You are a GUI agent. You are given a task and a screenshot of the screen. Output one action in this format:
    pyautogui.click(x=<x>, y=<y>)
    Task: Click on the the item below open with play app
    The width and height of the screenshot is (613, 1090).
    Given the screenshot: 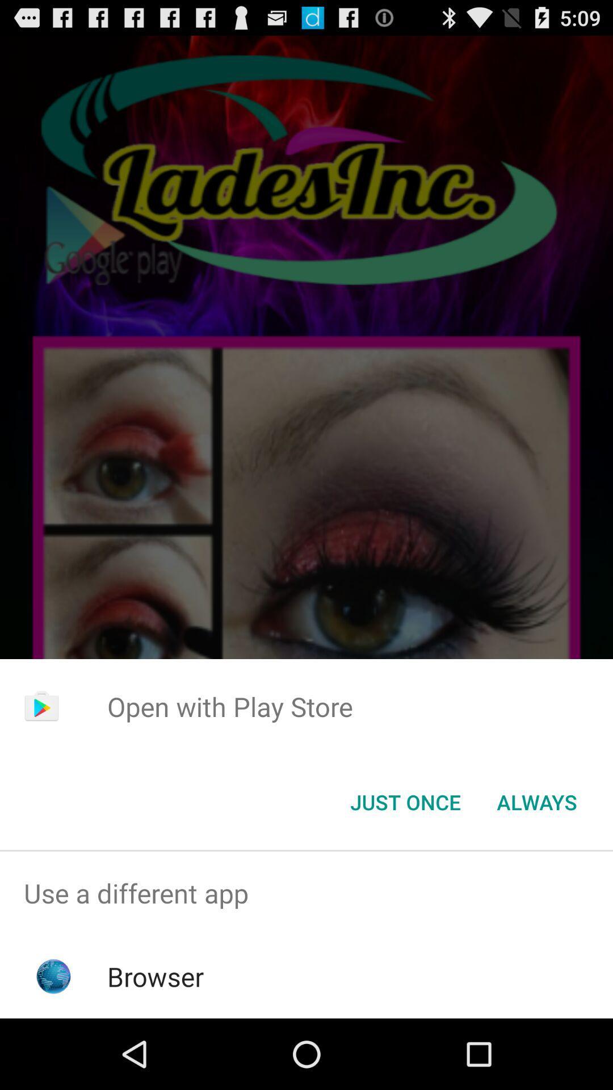 What is the action you would take?
    pyautogui.click(x=536, y=801)
    